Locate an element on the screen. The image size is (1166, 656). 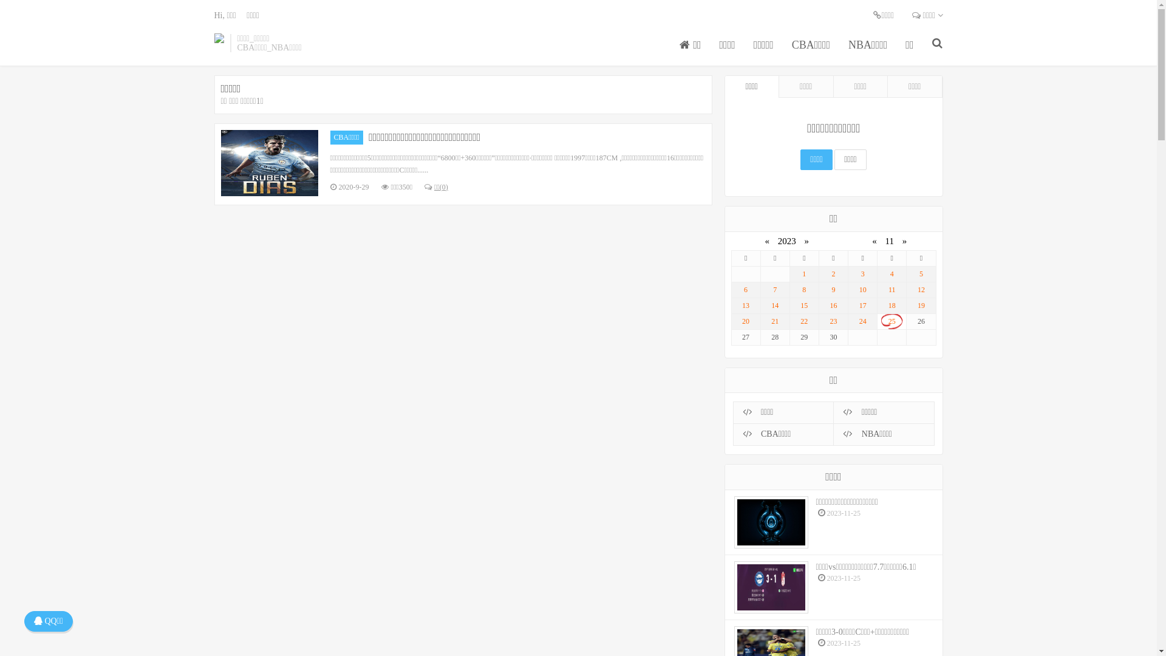
'2' is located at coordinates (833, 274).